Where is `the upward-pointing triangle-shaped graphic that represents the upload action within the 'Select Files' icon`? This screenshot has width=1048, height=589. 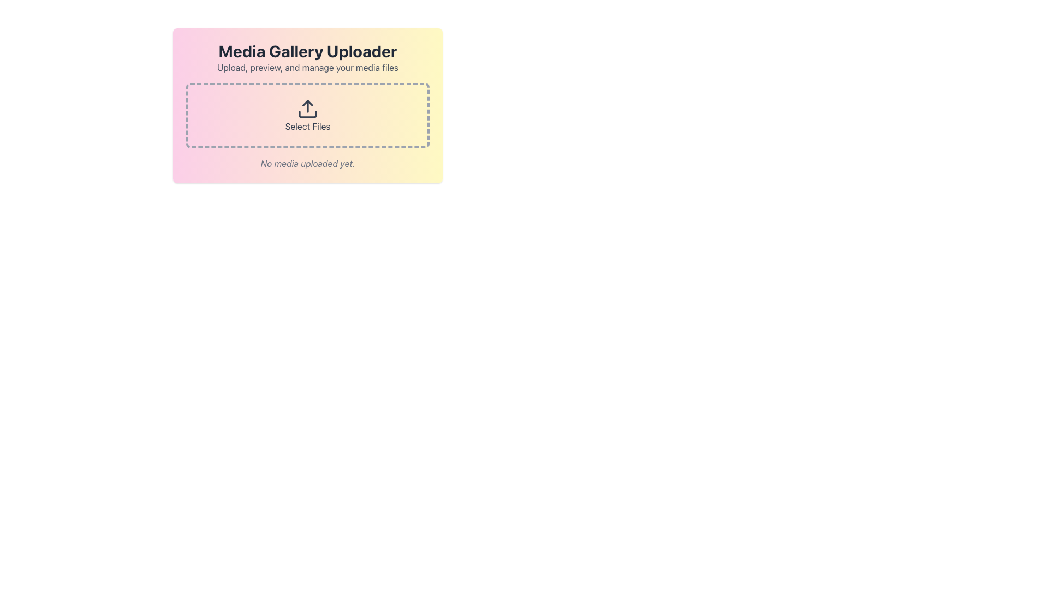 the upward-pointing triangle-shaped graphic that represents the upload action within the 'Select Files' icon is located at coordinates (307, 103).